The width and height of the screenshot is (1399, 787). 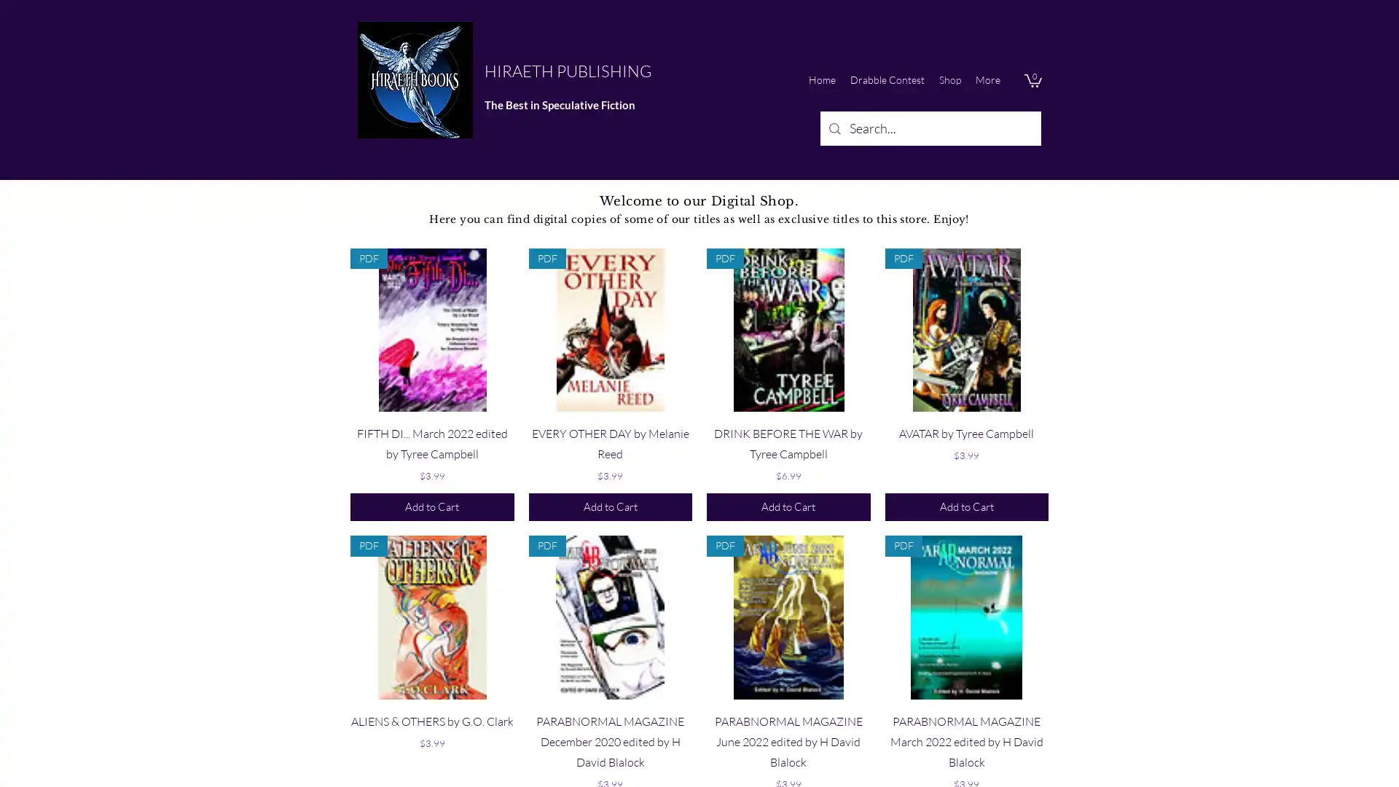 What do you see at coordinates (610, 506) in the screenshot?
I see `Add to Cart` at bounding box center [610, 506].